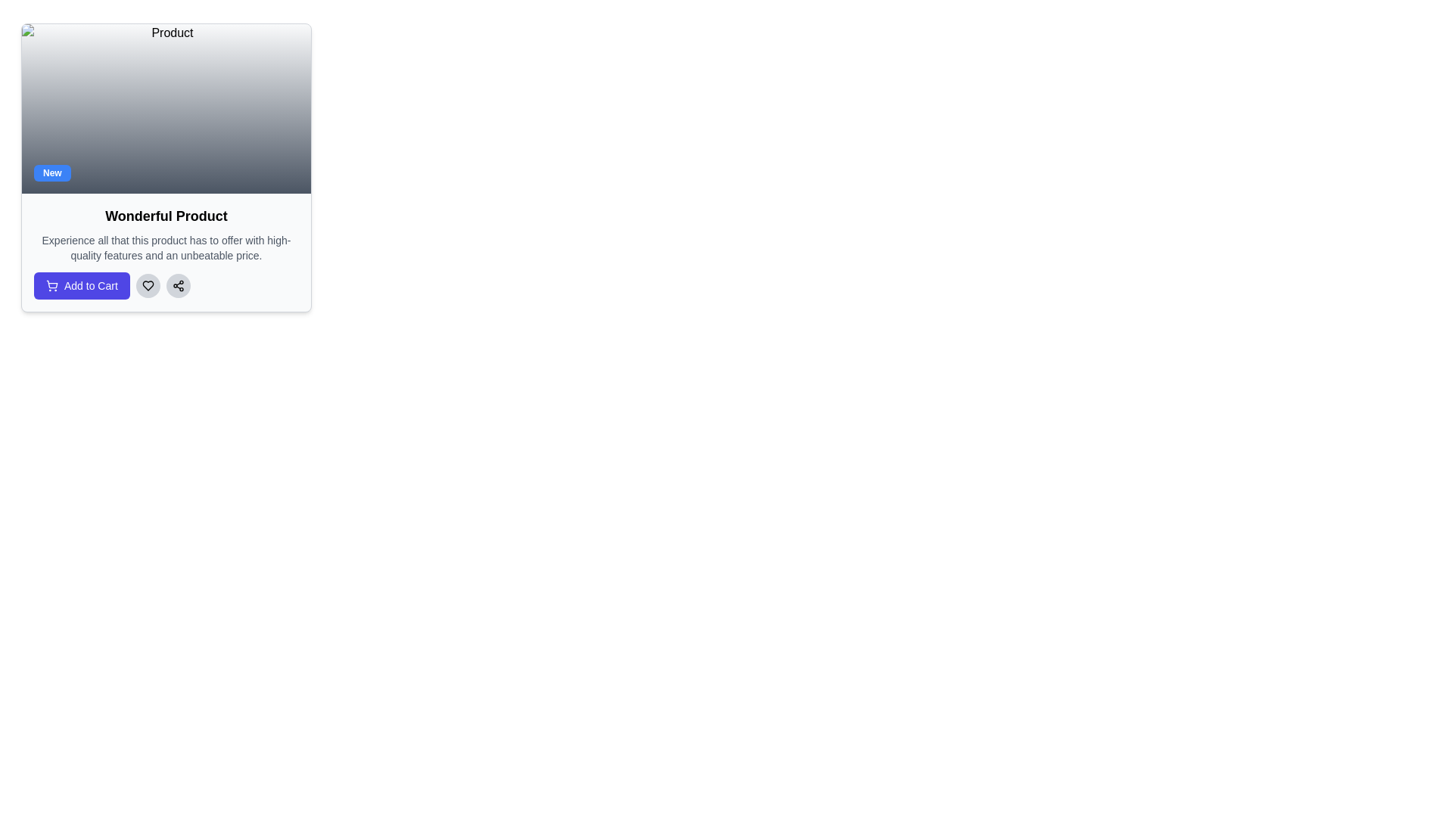 This screenshot has height=817, width=1453. Describe the element at coordinates (148, 286) in the screenshot. I see `the heart-shaped icon button, which is part of a circular button with a light gray background` at that location.